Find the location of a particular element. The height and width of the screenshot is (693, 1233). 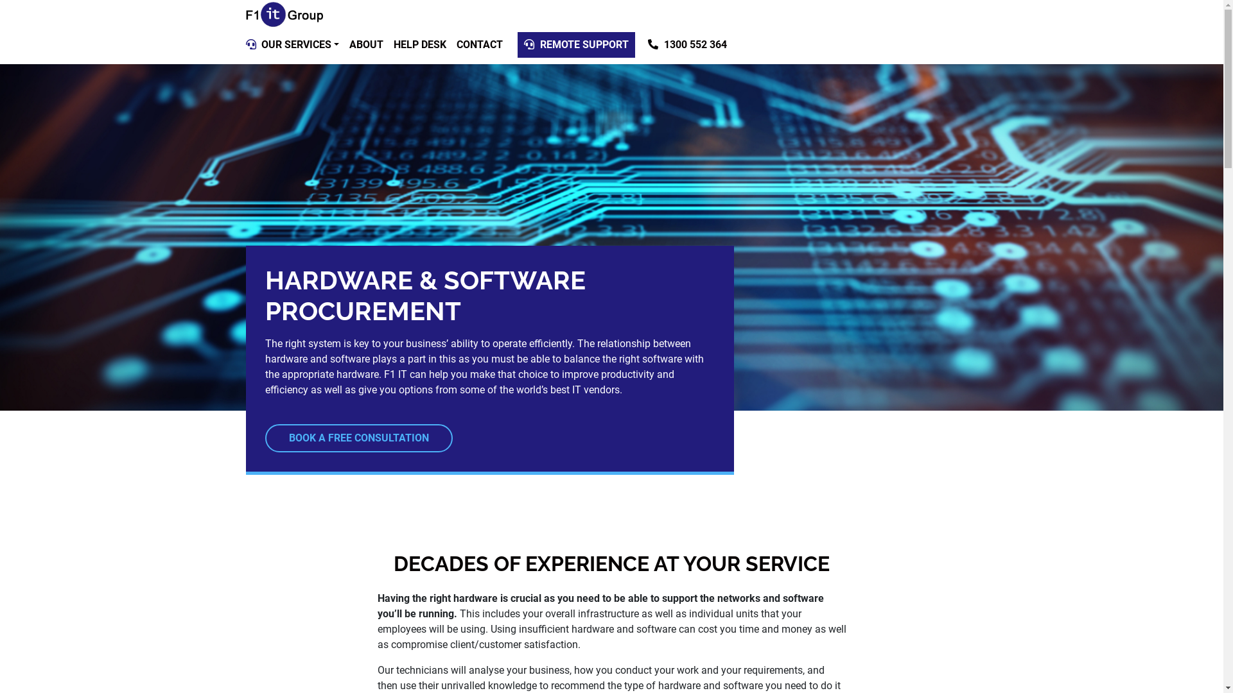

'1300 552 364' is located at coordinates (686, 44).